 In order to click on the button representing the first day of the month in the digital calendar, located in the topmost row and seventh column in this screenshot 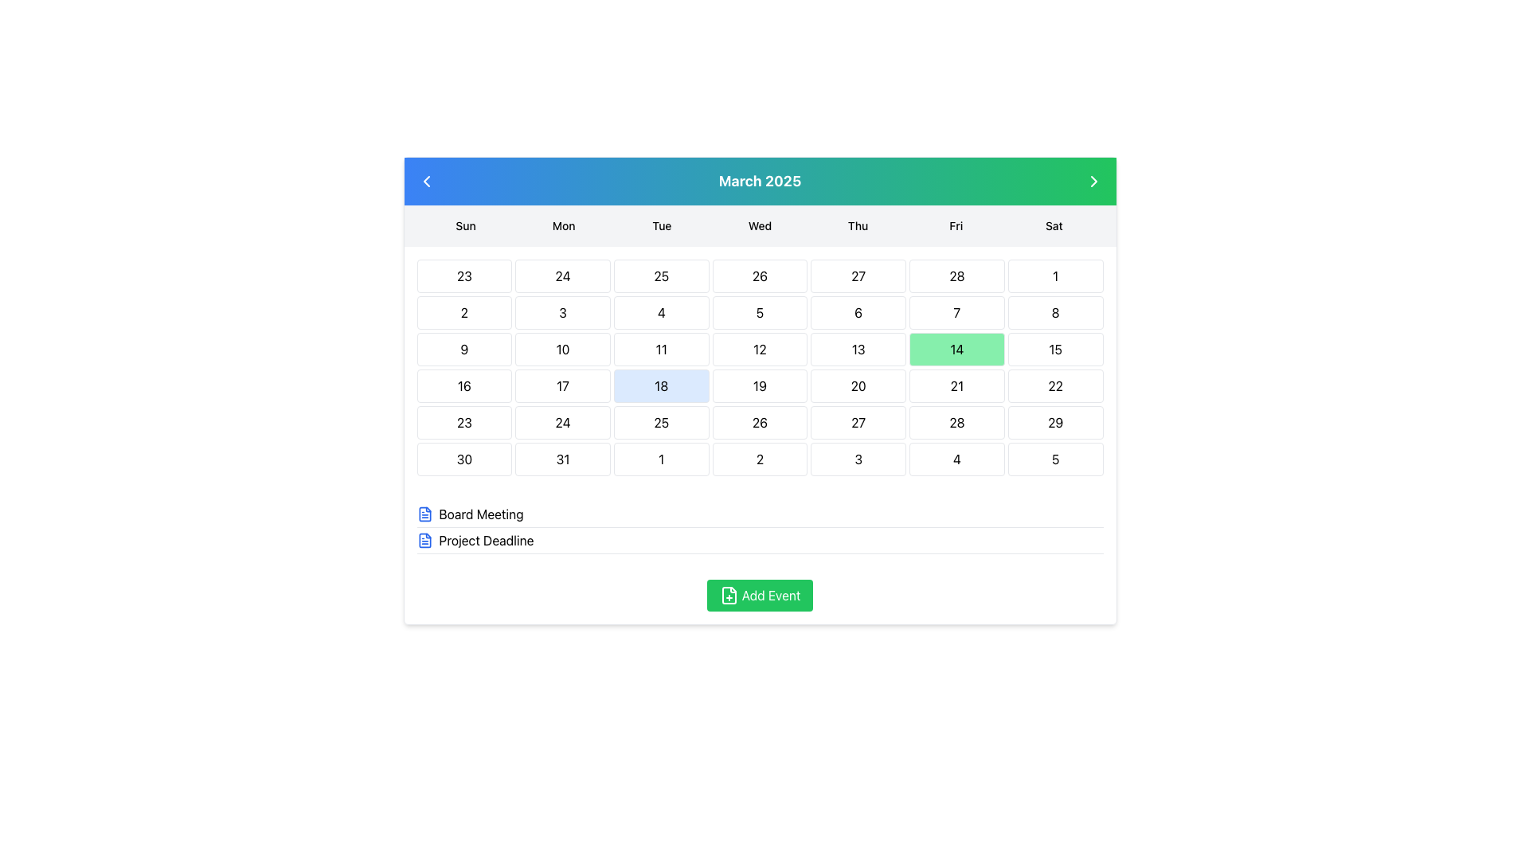, I will do `click(1055, 276)`.